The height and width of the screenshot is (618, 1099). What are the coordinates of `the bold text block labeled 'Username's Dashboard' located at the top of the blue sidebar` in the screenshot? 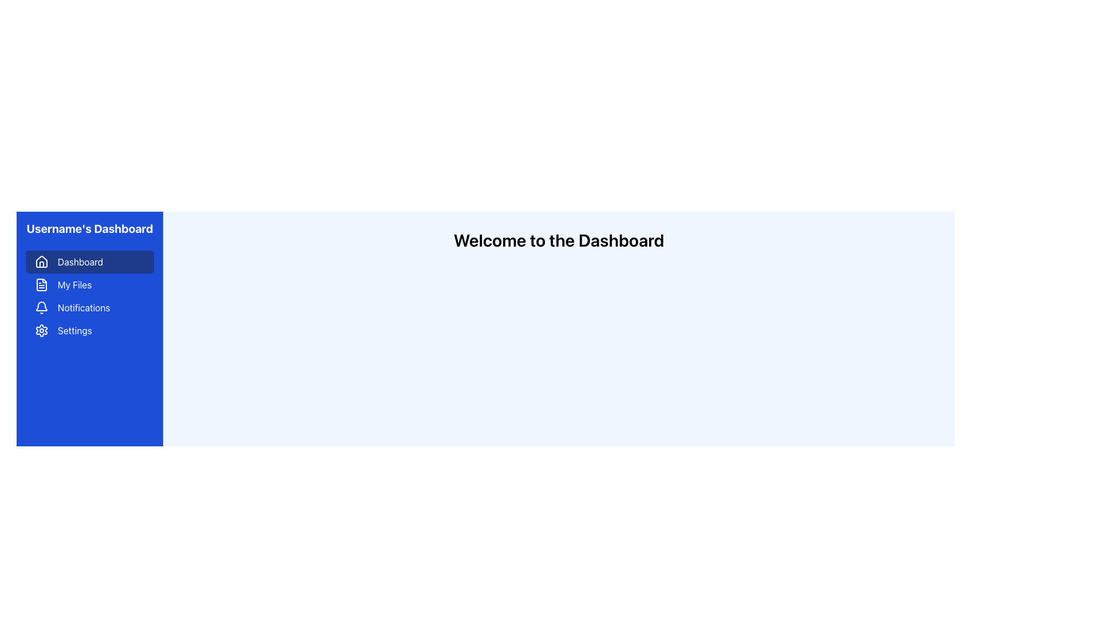 It's located at (89, 229).